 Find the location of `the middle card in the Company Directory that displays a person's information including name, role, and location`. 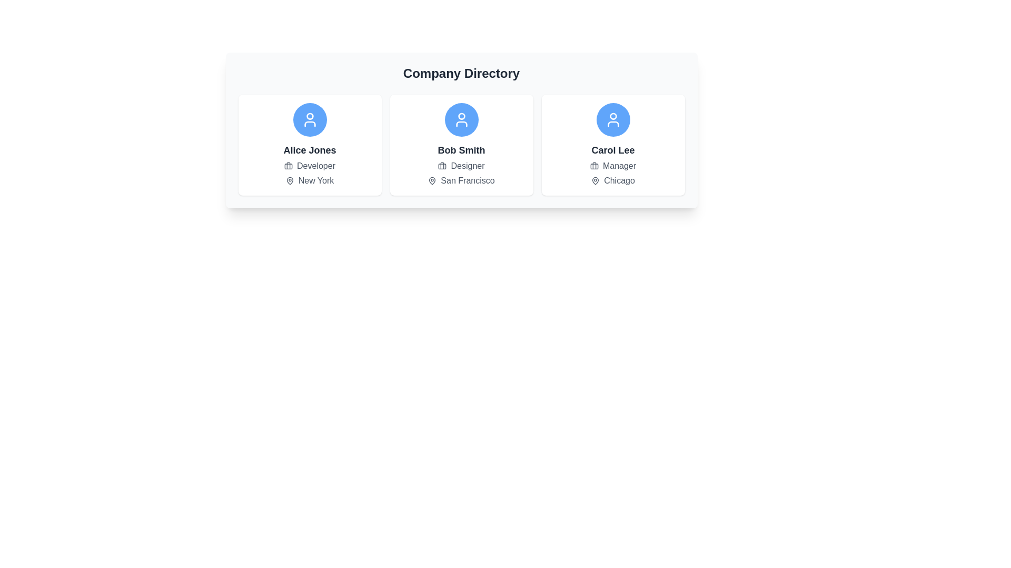

the middle card in the Company Directory that displays a person's information including name, role, and location is located at coordinates (461, 145).